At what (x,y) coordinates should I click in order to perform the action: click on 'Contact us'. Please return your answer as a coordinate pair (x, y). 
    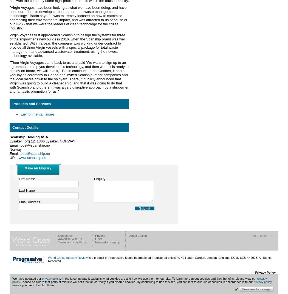
    Looking at the image, I should click on (65, 235).